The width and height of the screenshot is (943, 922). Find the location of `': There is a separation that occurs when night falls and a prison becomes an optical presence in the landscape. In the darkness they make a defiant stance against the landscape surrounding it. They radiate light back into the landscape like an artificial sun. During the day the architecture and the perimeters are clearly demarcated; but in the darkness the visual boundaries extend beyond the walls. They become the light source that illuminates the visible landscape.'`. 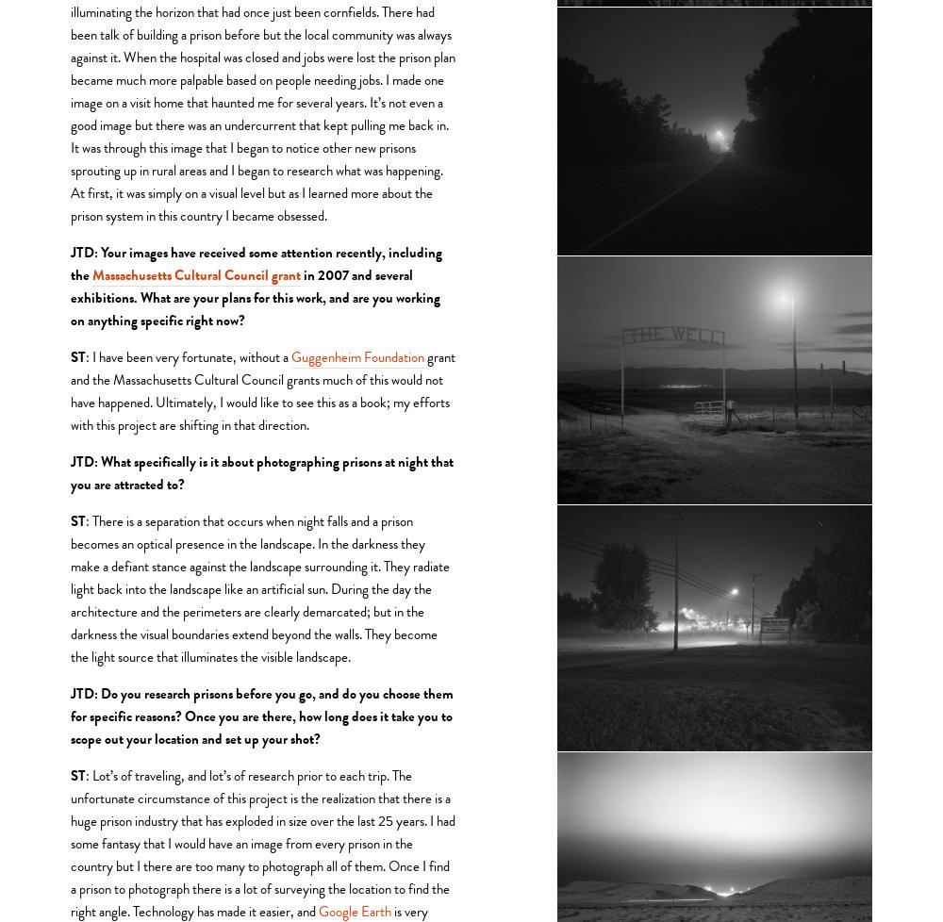

': There is a separation that occurs when night falls and a prison becomes an optical presence in the landscape. In the darkness they make a defiant stance against the landscape surrounding it. They radiate light back into the landscape like an artificial sun. During the day the architecture and the perimeters are clearly demarcated; but in the darkness the visual boundaries extend beyond the walls. They become the light source that illuminates the visible landscape.' is located at coordinates (261, 587).